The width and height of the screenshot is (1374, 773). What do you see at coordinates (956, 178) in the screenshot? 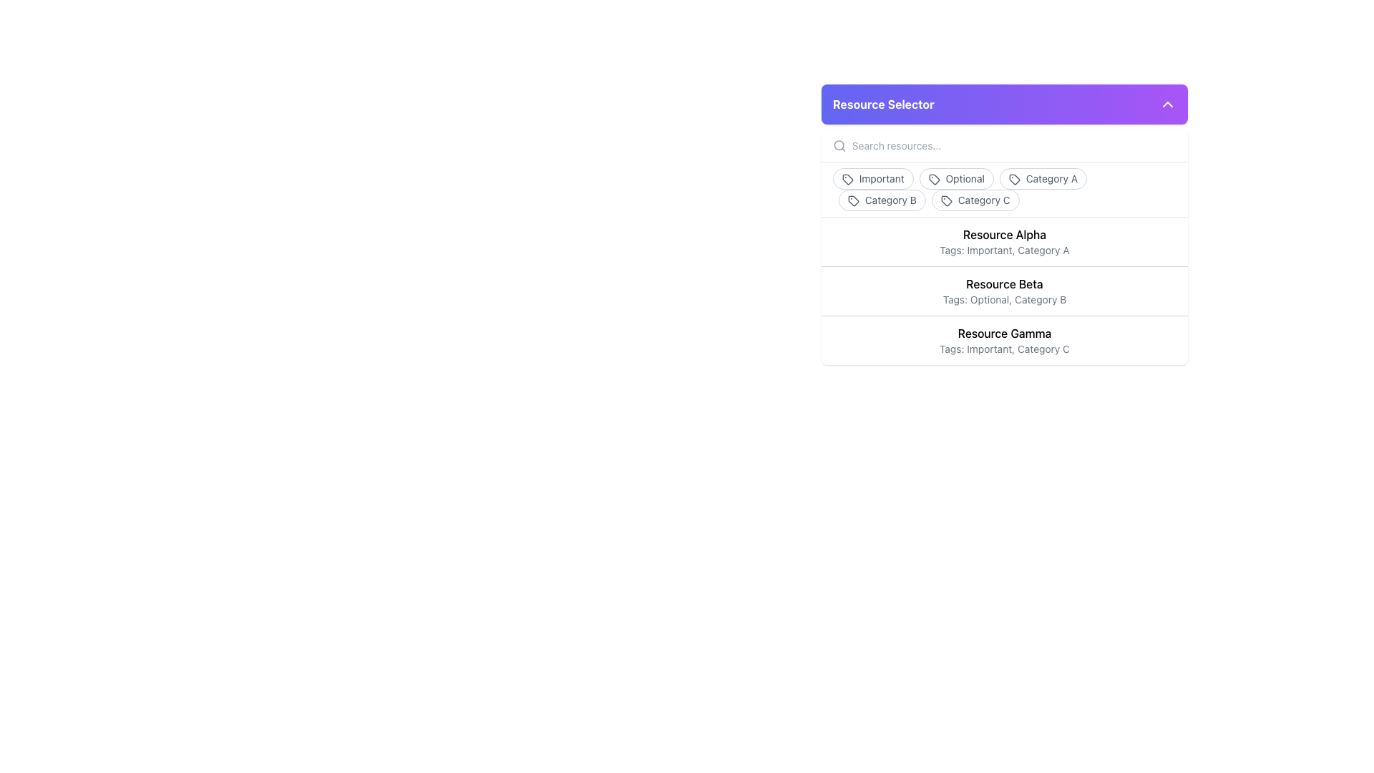
I see `the well-rounded button with a white background and gray border labeled 'Optional', located in the 'Resource Selector' section, positioned between the 'Important' and 'Category A' buttons` at bounding box center [956, 178].